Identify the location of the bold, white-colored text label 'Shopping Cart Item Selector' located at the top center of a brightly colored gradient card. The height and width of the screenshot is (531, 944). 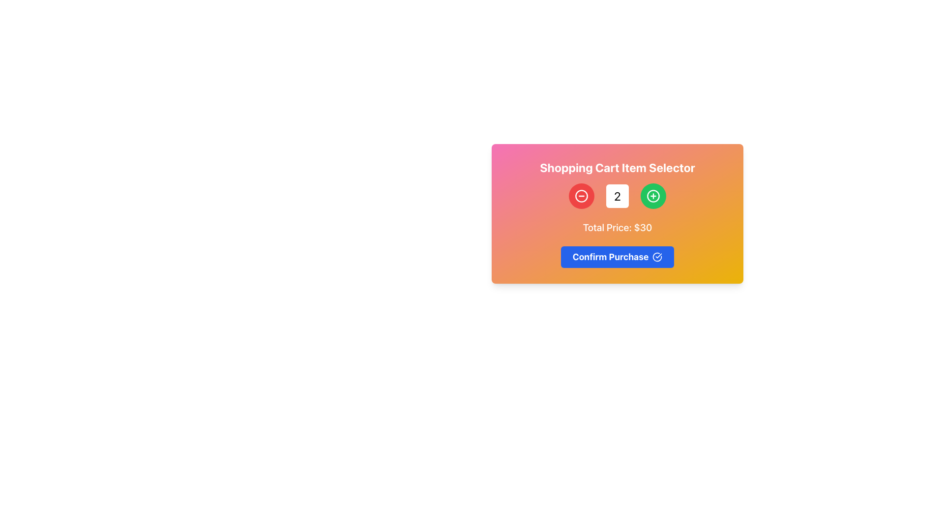
(617, 167).